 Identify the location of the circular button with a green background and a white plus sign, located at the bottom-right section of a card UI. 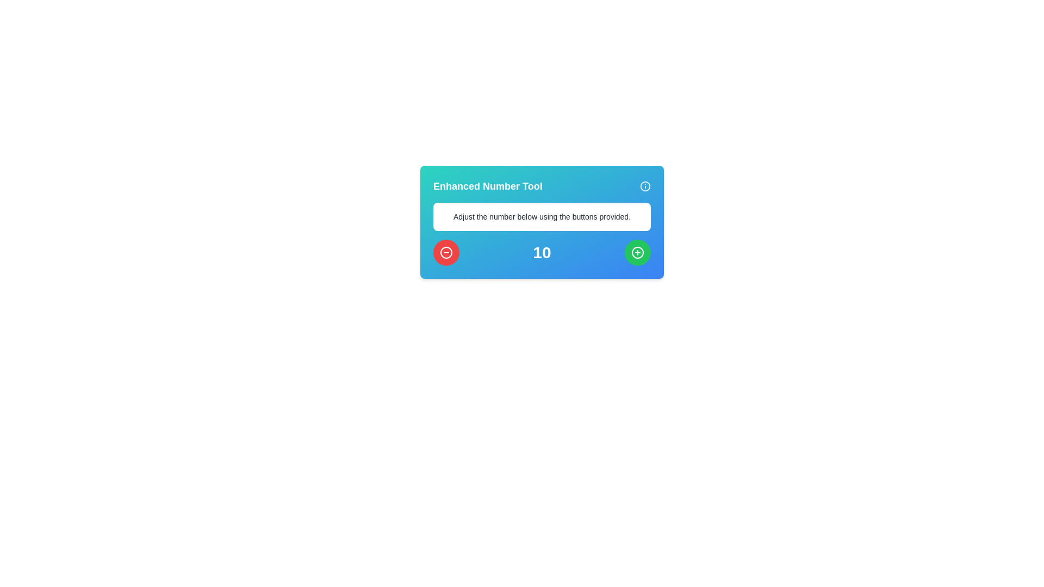
(637, 253).